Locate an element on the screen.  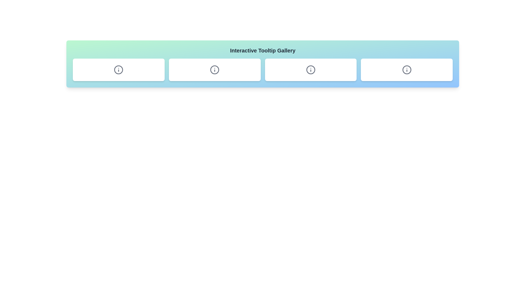
the fourth information icon is located at coordinates (407, 70).